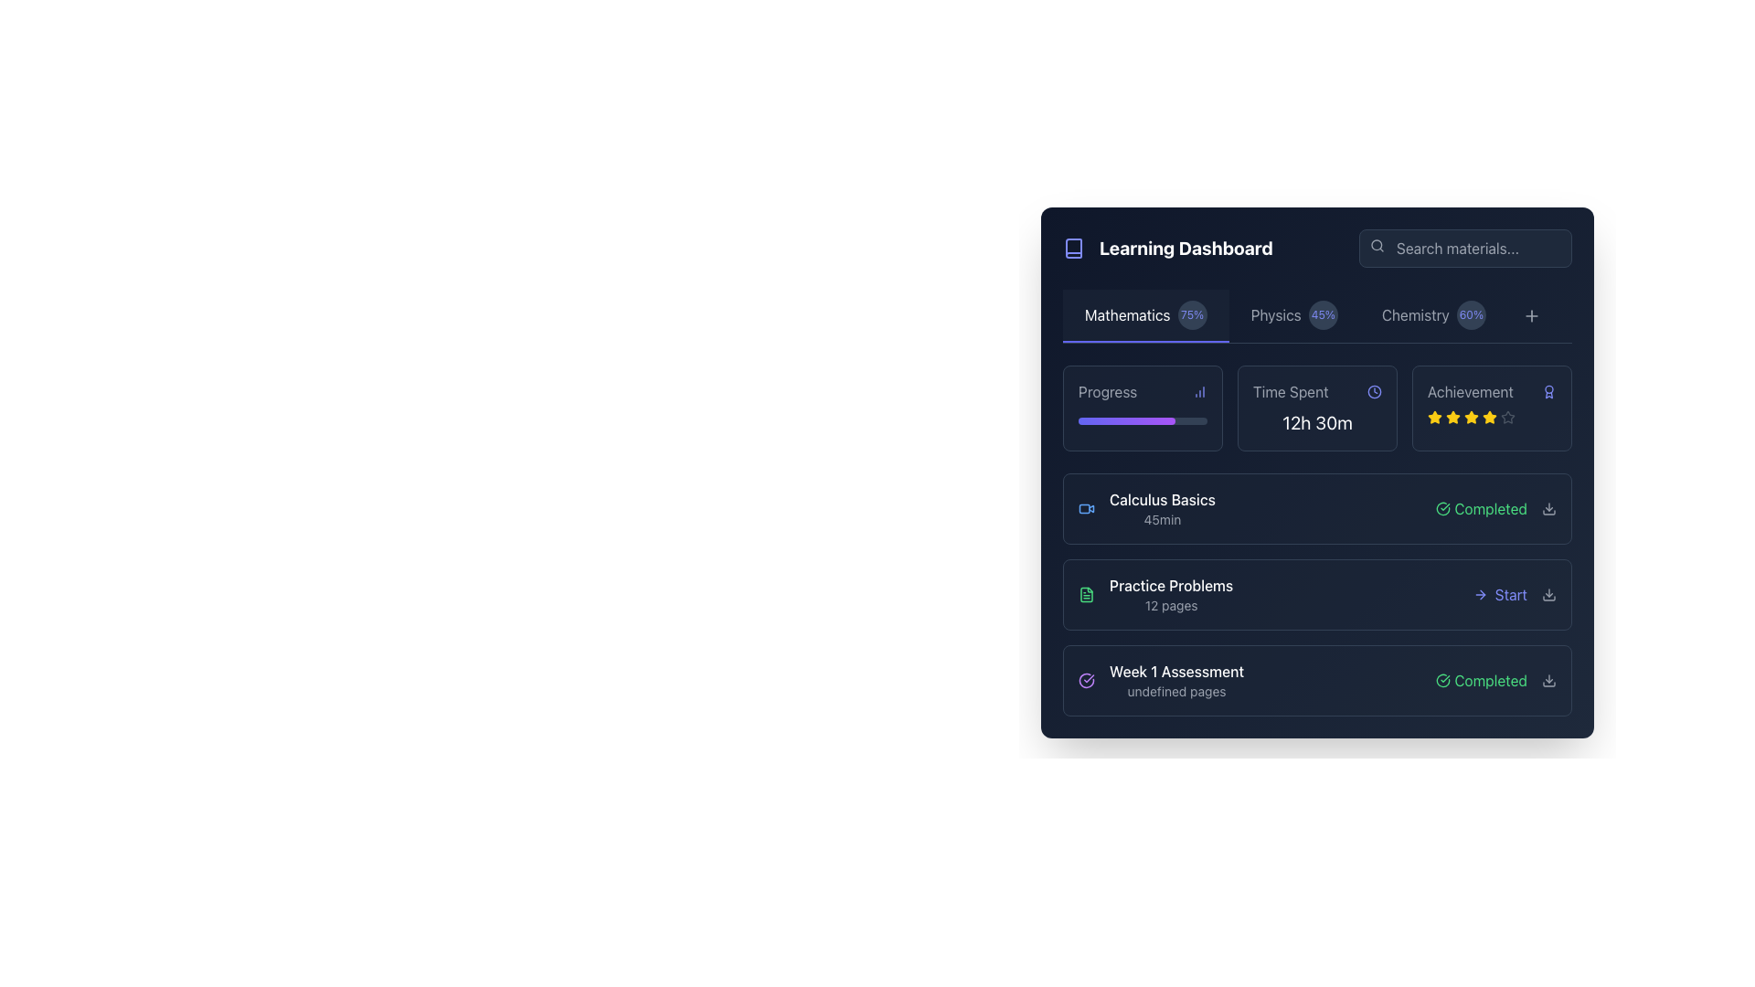 This screenshot has width=1755, height=987. What do you see at coordinates (1171, 595) in the screenshot?
I see `the 'Practice Problems' text block, which features a bold white title and a smaller gray subtitle` at bounding box center [1171, 595].